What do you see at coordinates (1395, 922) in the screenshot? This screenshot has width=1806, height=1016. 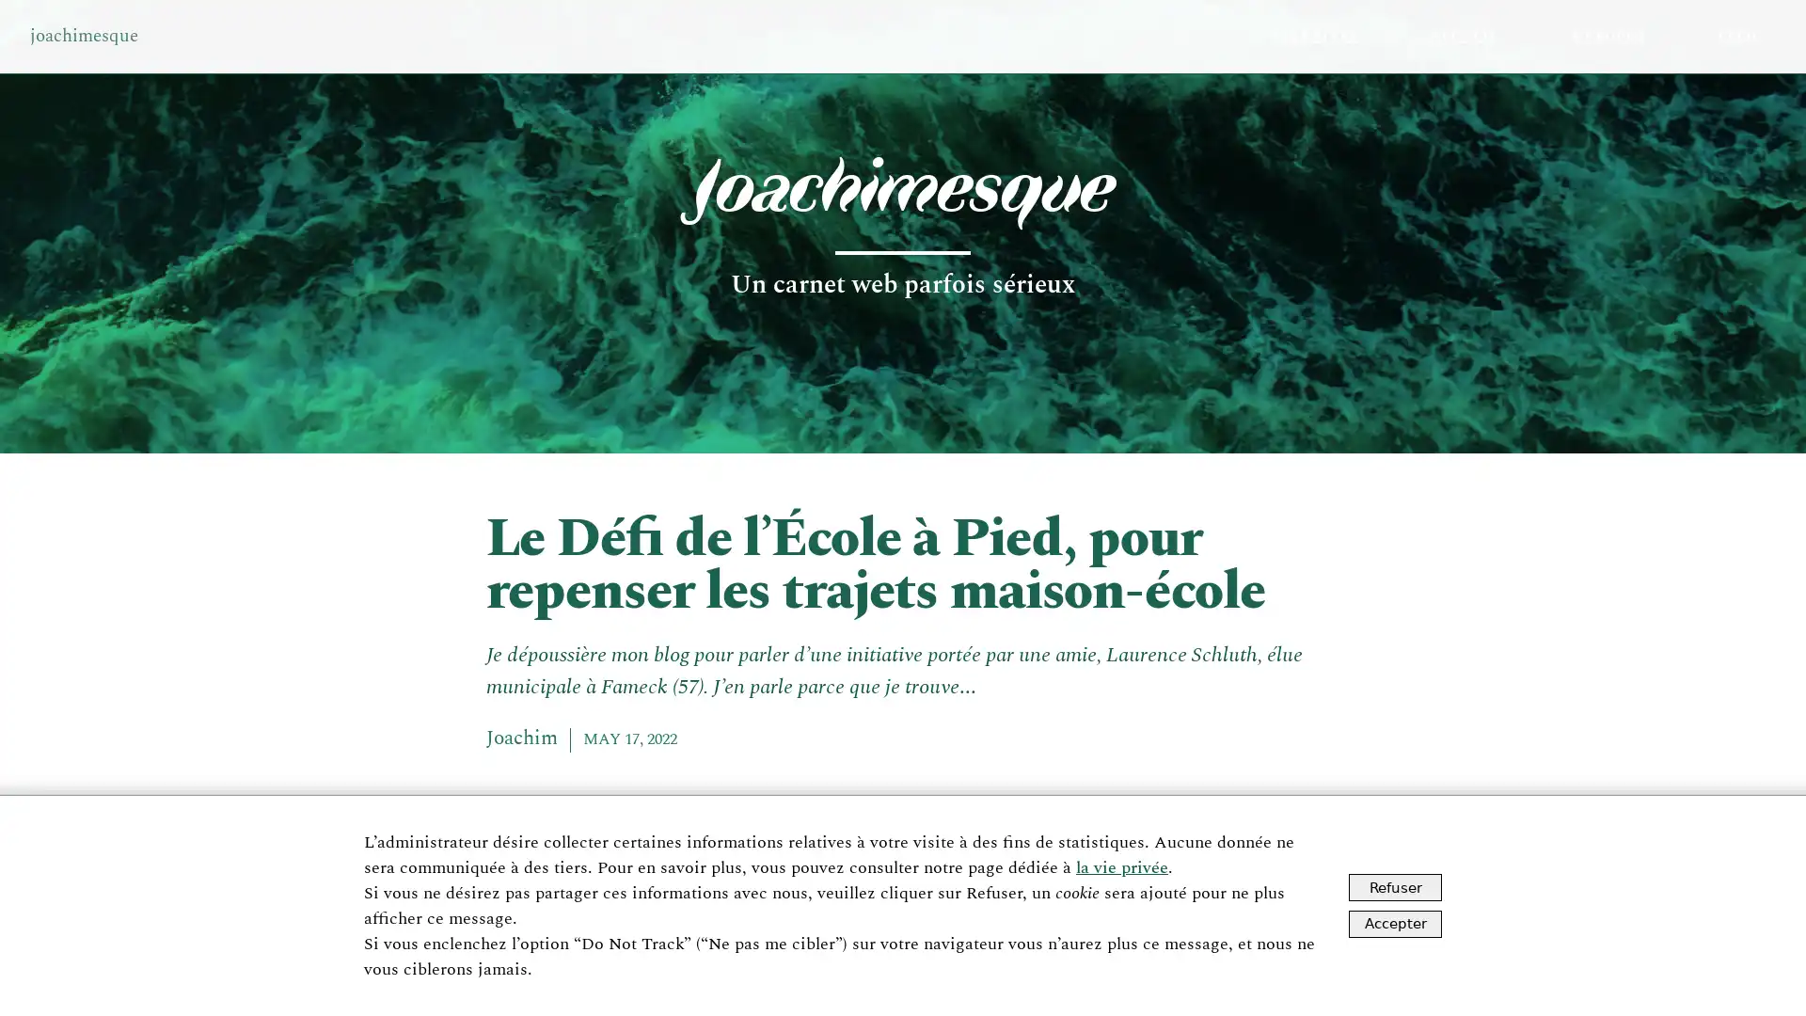 I see `Accepter` at bounding box center [1395, 922].